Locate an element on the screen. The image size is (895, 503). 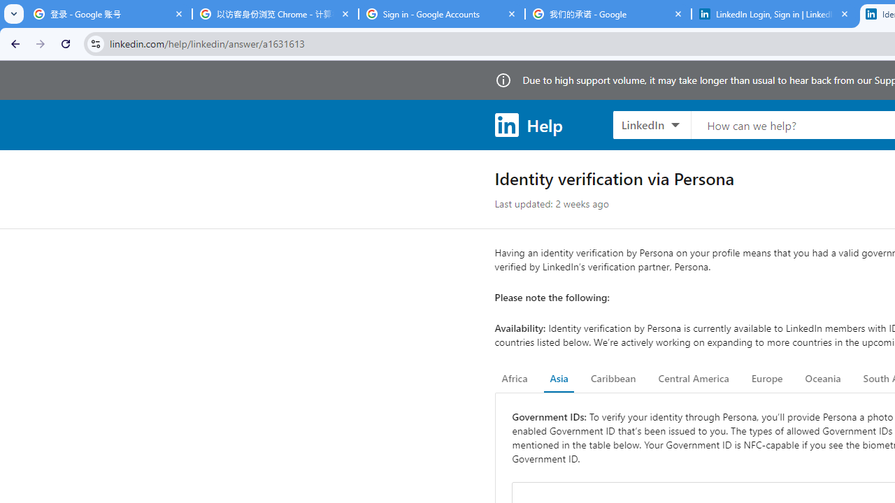
'Europe' is located at coordinates (766, 379).